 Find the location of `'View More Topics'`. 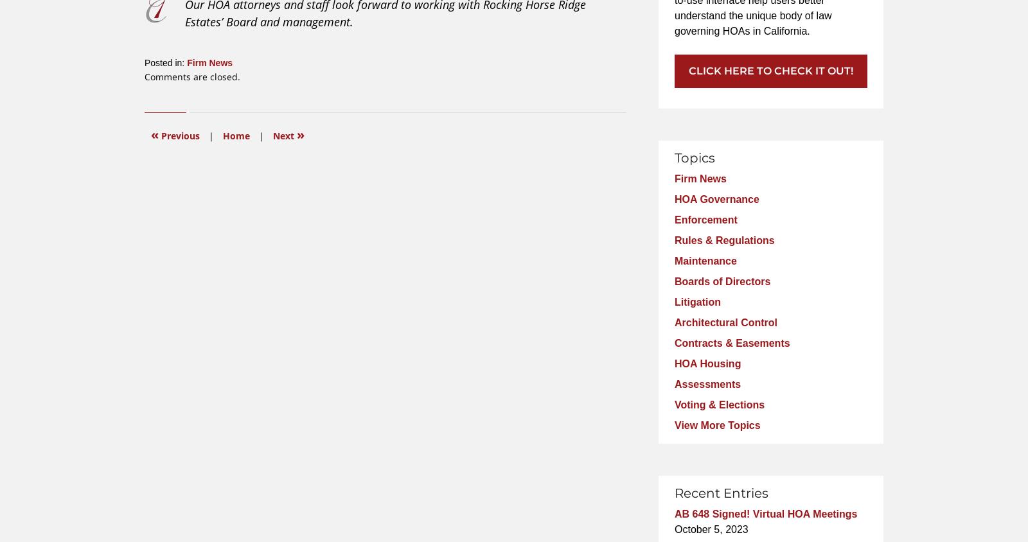

'View More Topics' is located at coordinates (717, 424).